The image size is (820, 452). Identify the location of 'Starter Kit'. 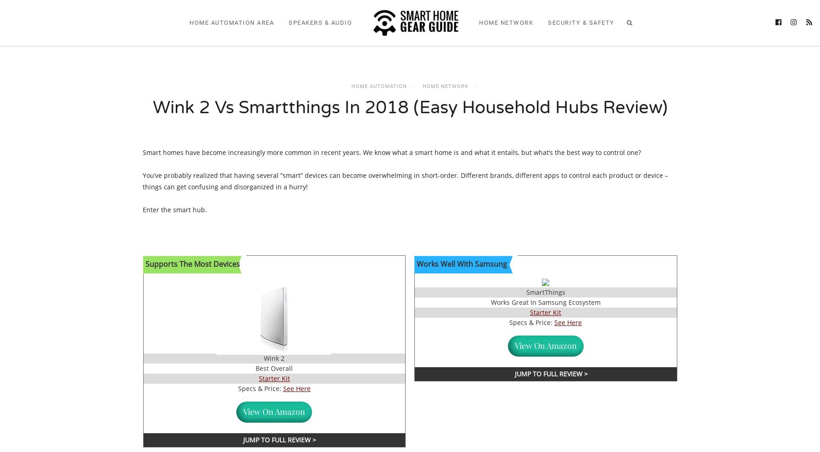
(273, 378).